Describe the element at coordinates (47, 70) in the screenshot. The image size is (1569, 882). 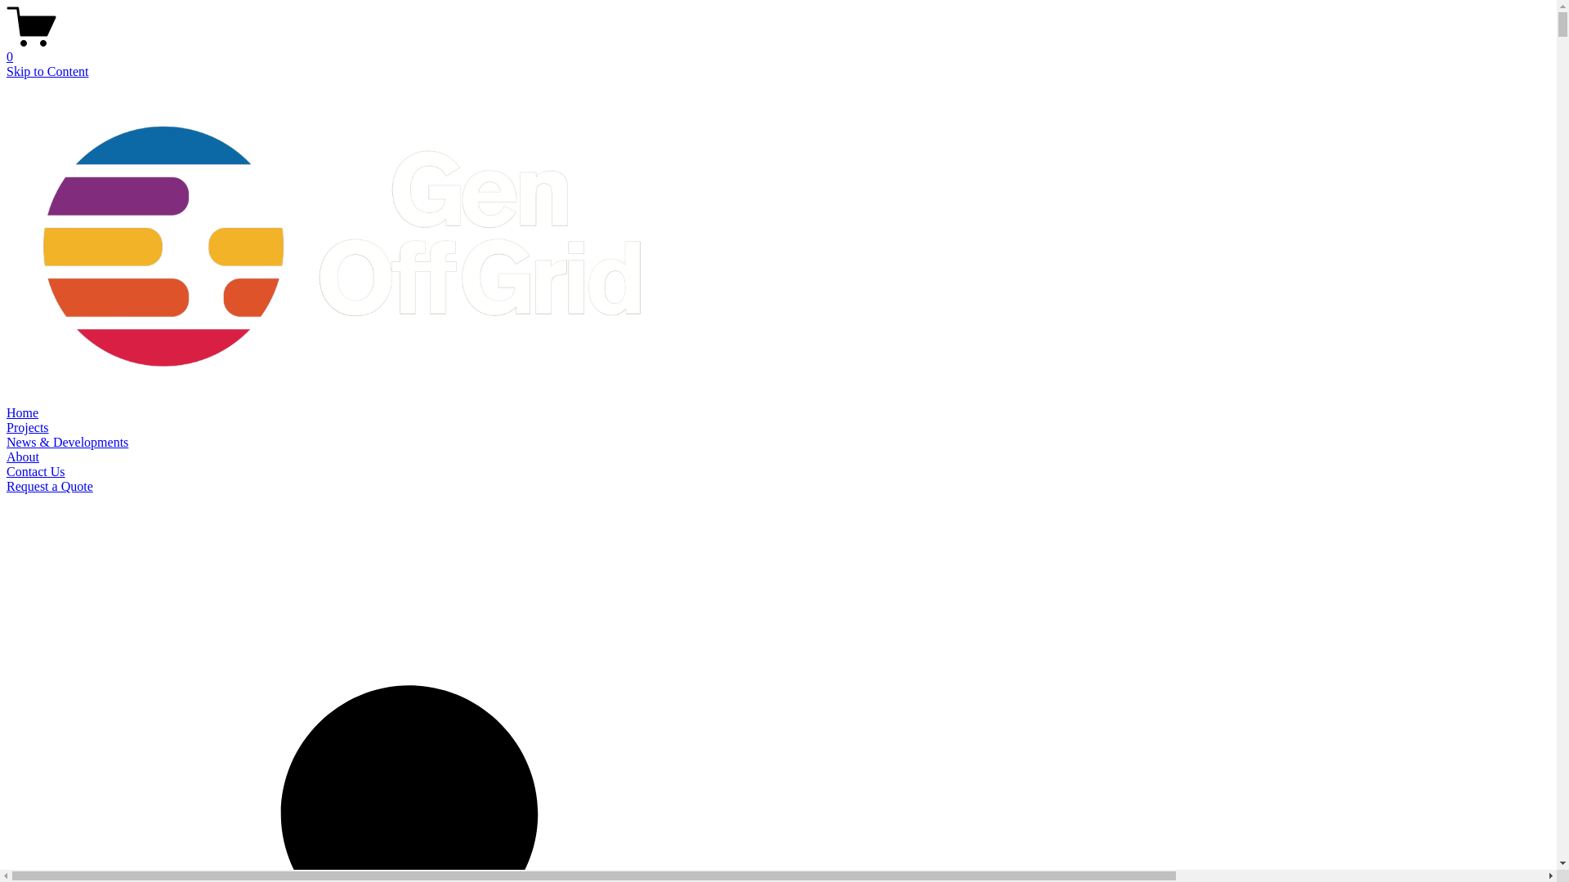
I see `'Skip to Content'` at that location.